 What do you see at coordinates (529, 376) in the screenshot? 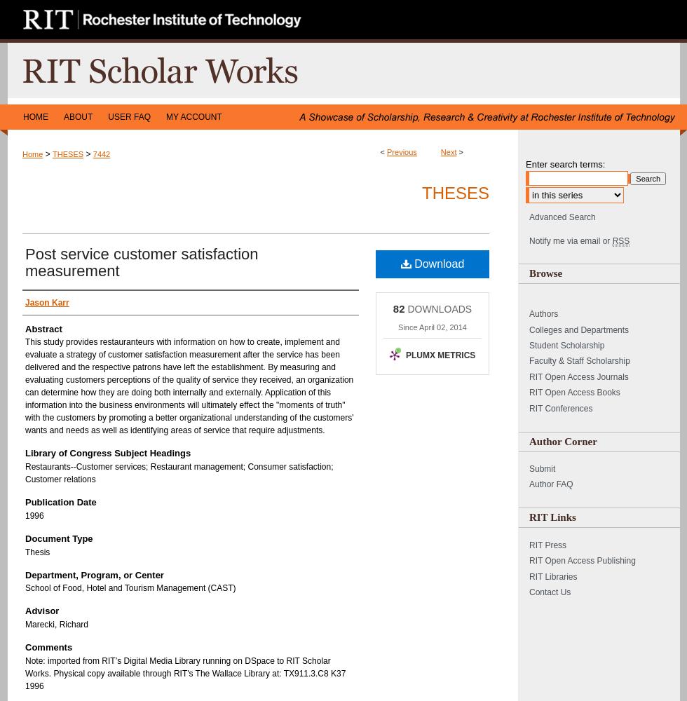
I see `'RIT Open Access Journals'` at bounding box center [529, 376].